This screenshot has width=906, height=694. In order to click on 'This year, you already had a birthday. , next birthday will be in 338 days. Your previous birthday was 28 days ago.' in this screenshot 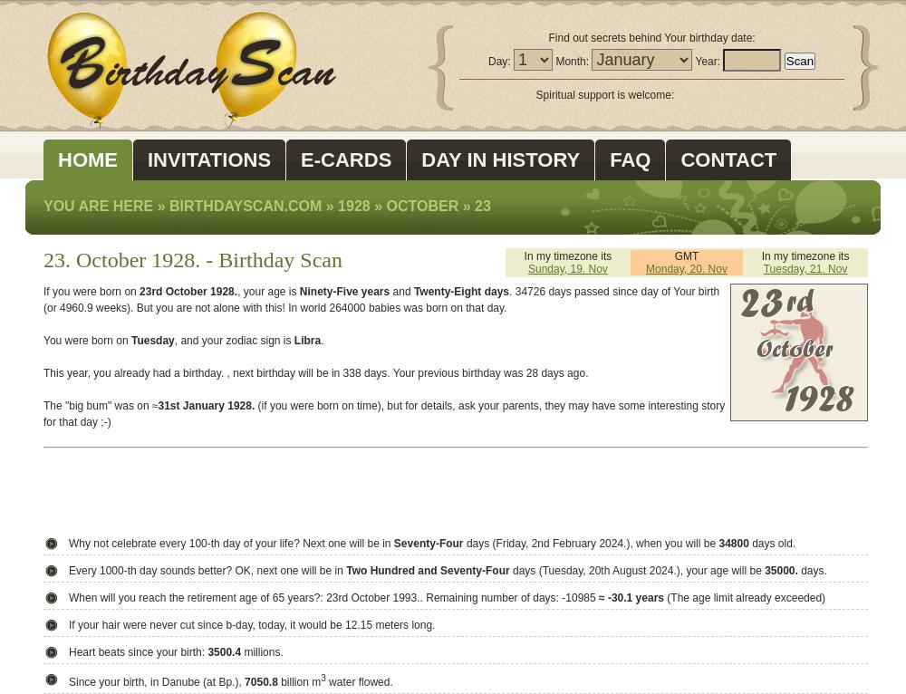, I will do `click(314, 372)`.